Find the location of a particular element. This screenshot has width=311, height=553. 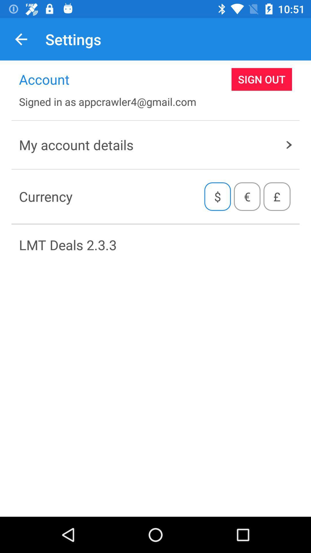

item next to currency icon is located at coordinates (217, 196).